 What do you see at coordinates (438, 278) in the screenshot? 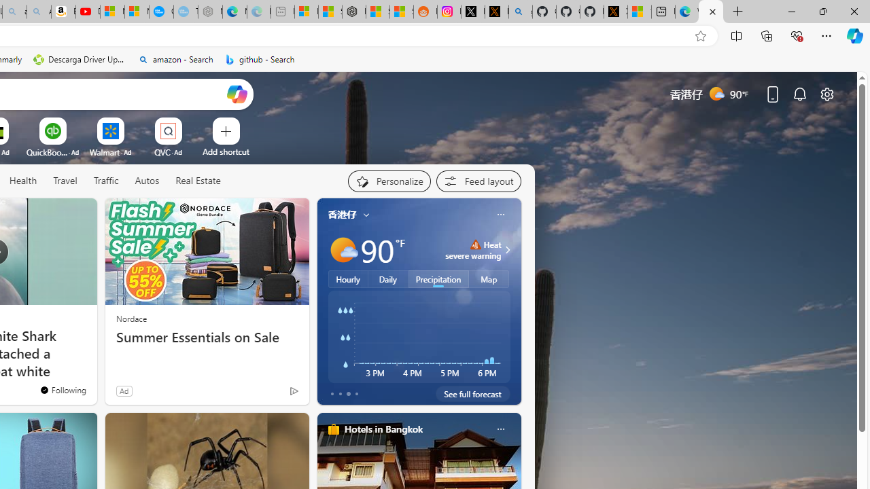
I see `'Precipitation'` at bounding box center [438, 278].